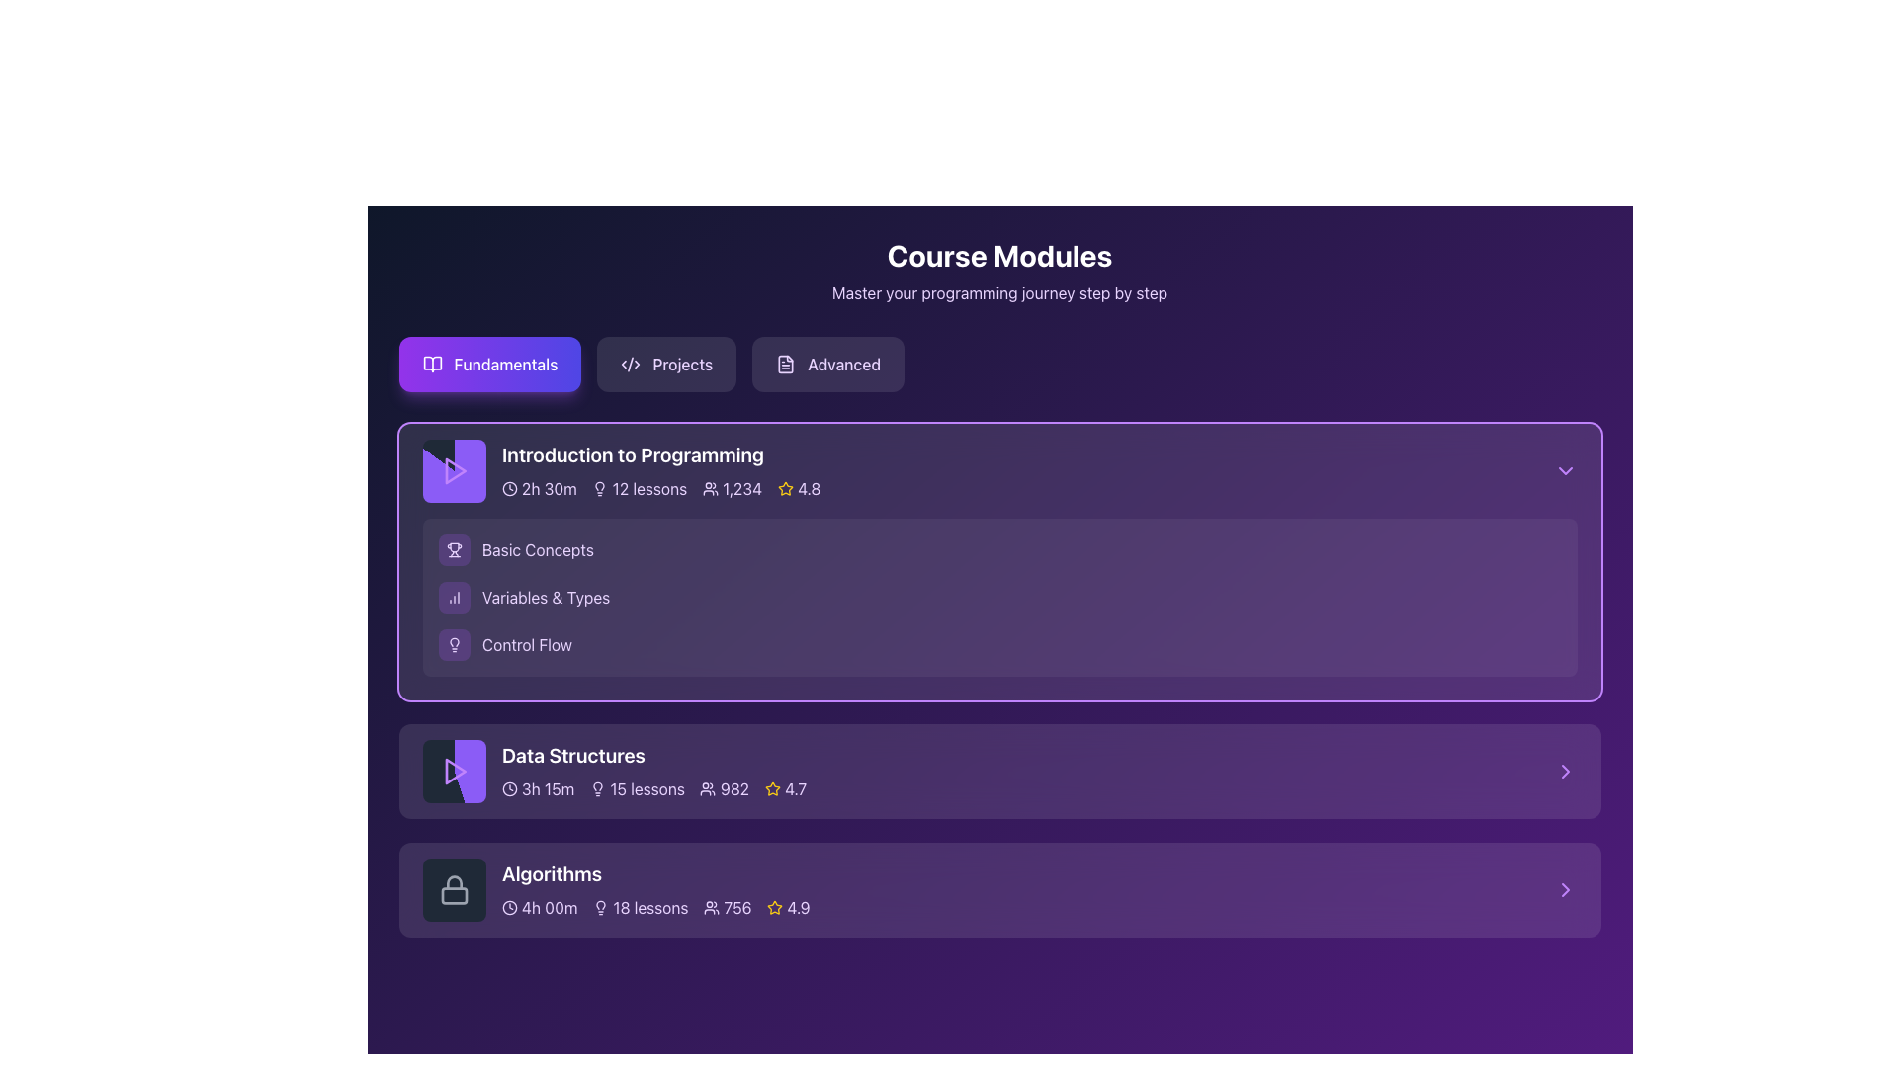 The image size is (1898, 1067). Describe the element at coordinates (453, 547) in the screenshot. I see `the trophy icon, which represents achievements or success` at that location.